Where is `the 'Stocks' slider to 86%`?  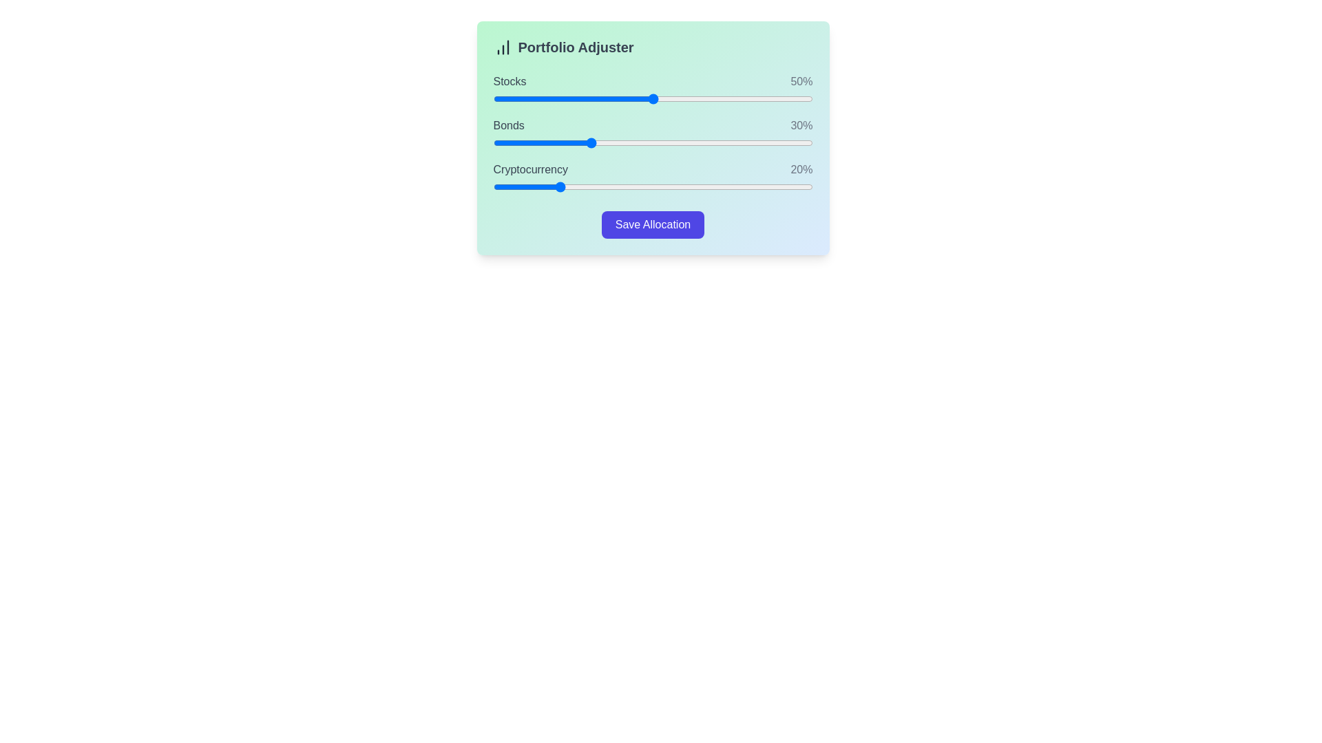 the 'Stocks' slider to 86% is located at coordinates (767, 98).